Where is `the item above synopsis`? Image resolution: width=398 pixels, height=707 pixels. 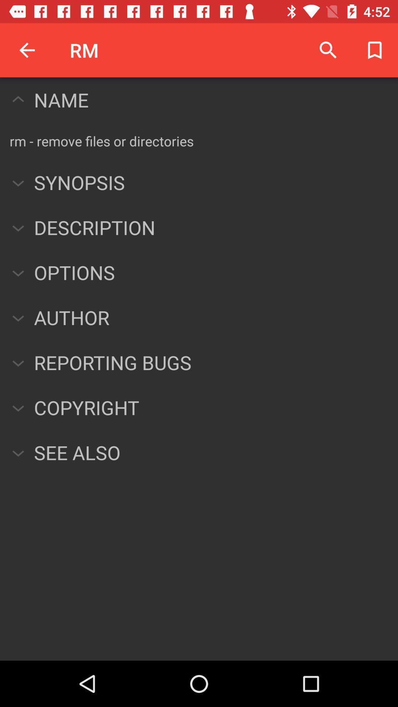
the item above synopsis is located at coordinates (102, 141).